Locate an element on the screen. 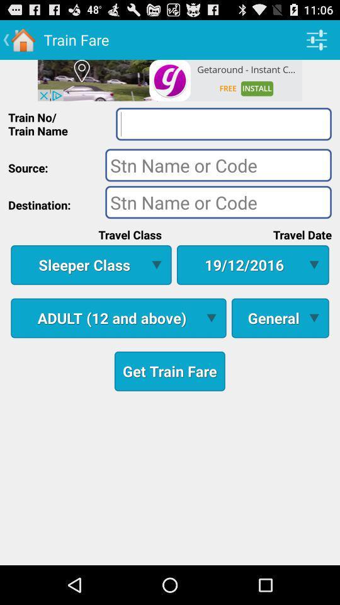  data entry field is located at coordinates (218, 202).